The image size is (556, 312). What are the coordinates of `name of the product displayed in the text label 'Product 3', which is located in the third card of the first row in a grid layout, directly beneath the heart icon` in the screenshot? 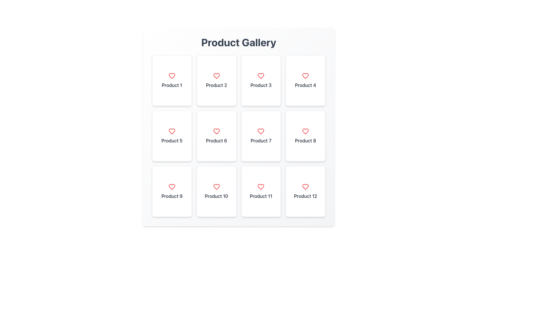 It's located at (261, 85).